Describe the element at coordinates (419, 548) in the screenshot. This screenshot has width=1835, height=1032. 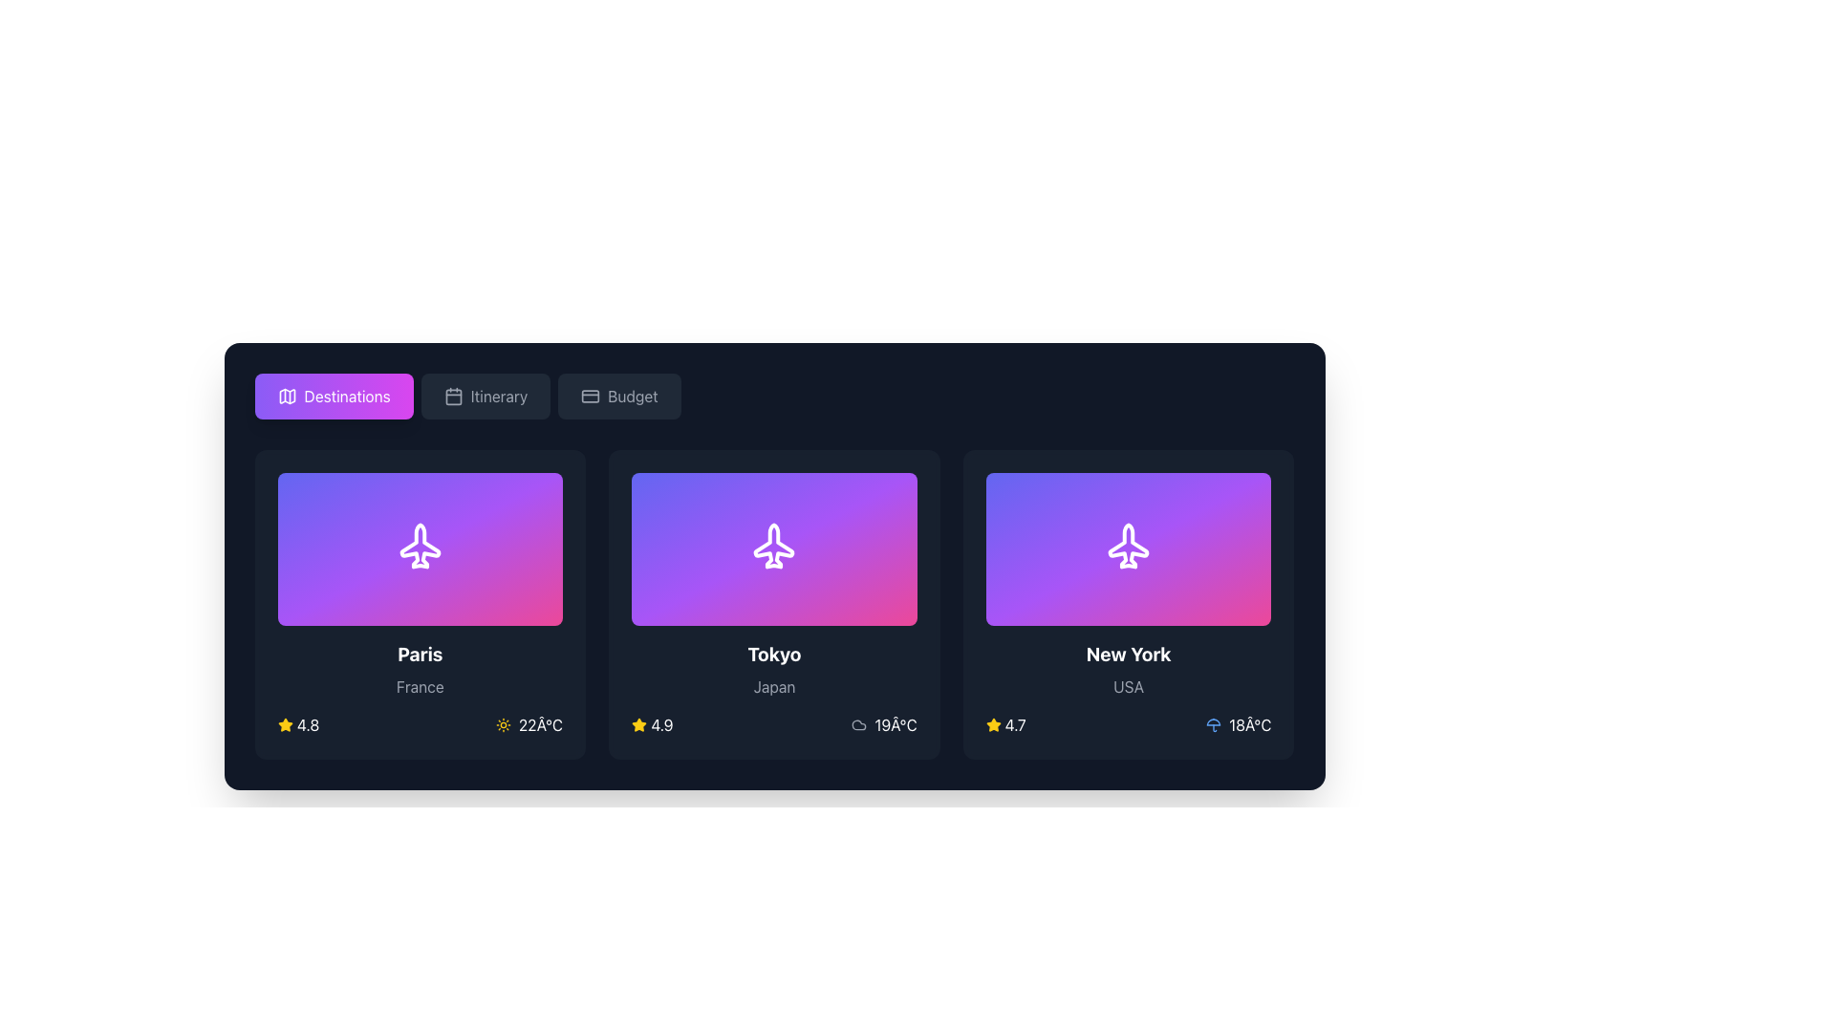
I see `the airplane icon representing the destination 'Paris, France', which is centered vertically in the first card and features a sleek, modern design with a gradient background` at that location.